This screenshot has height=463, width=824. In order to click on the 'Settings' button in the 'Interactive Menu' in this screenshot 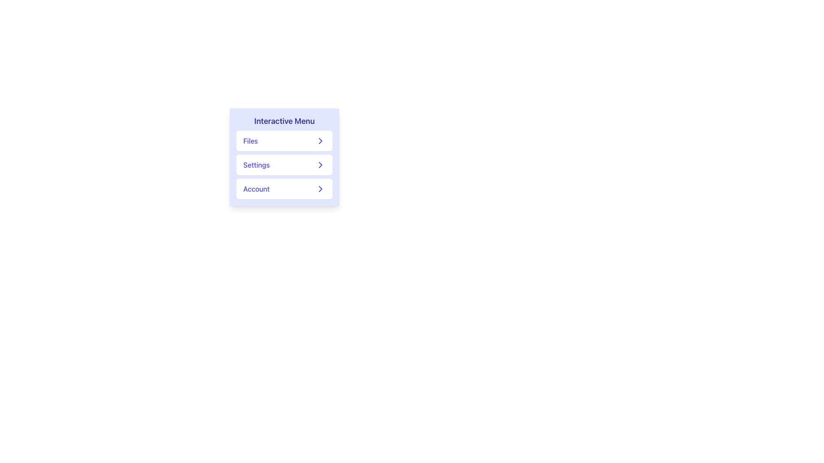, I will do `click(284, 165)`.